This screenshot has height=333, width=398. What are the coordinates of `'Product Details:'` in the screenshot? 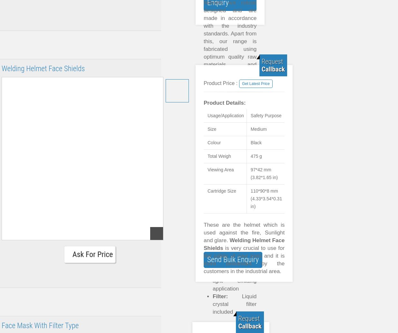 It's located at (225, 102).